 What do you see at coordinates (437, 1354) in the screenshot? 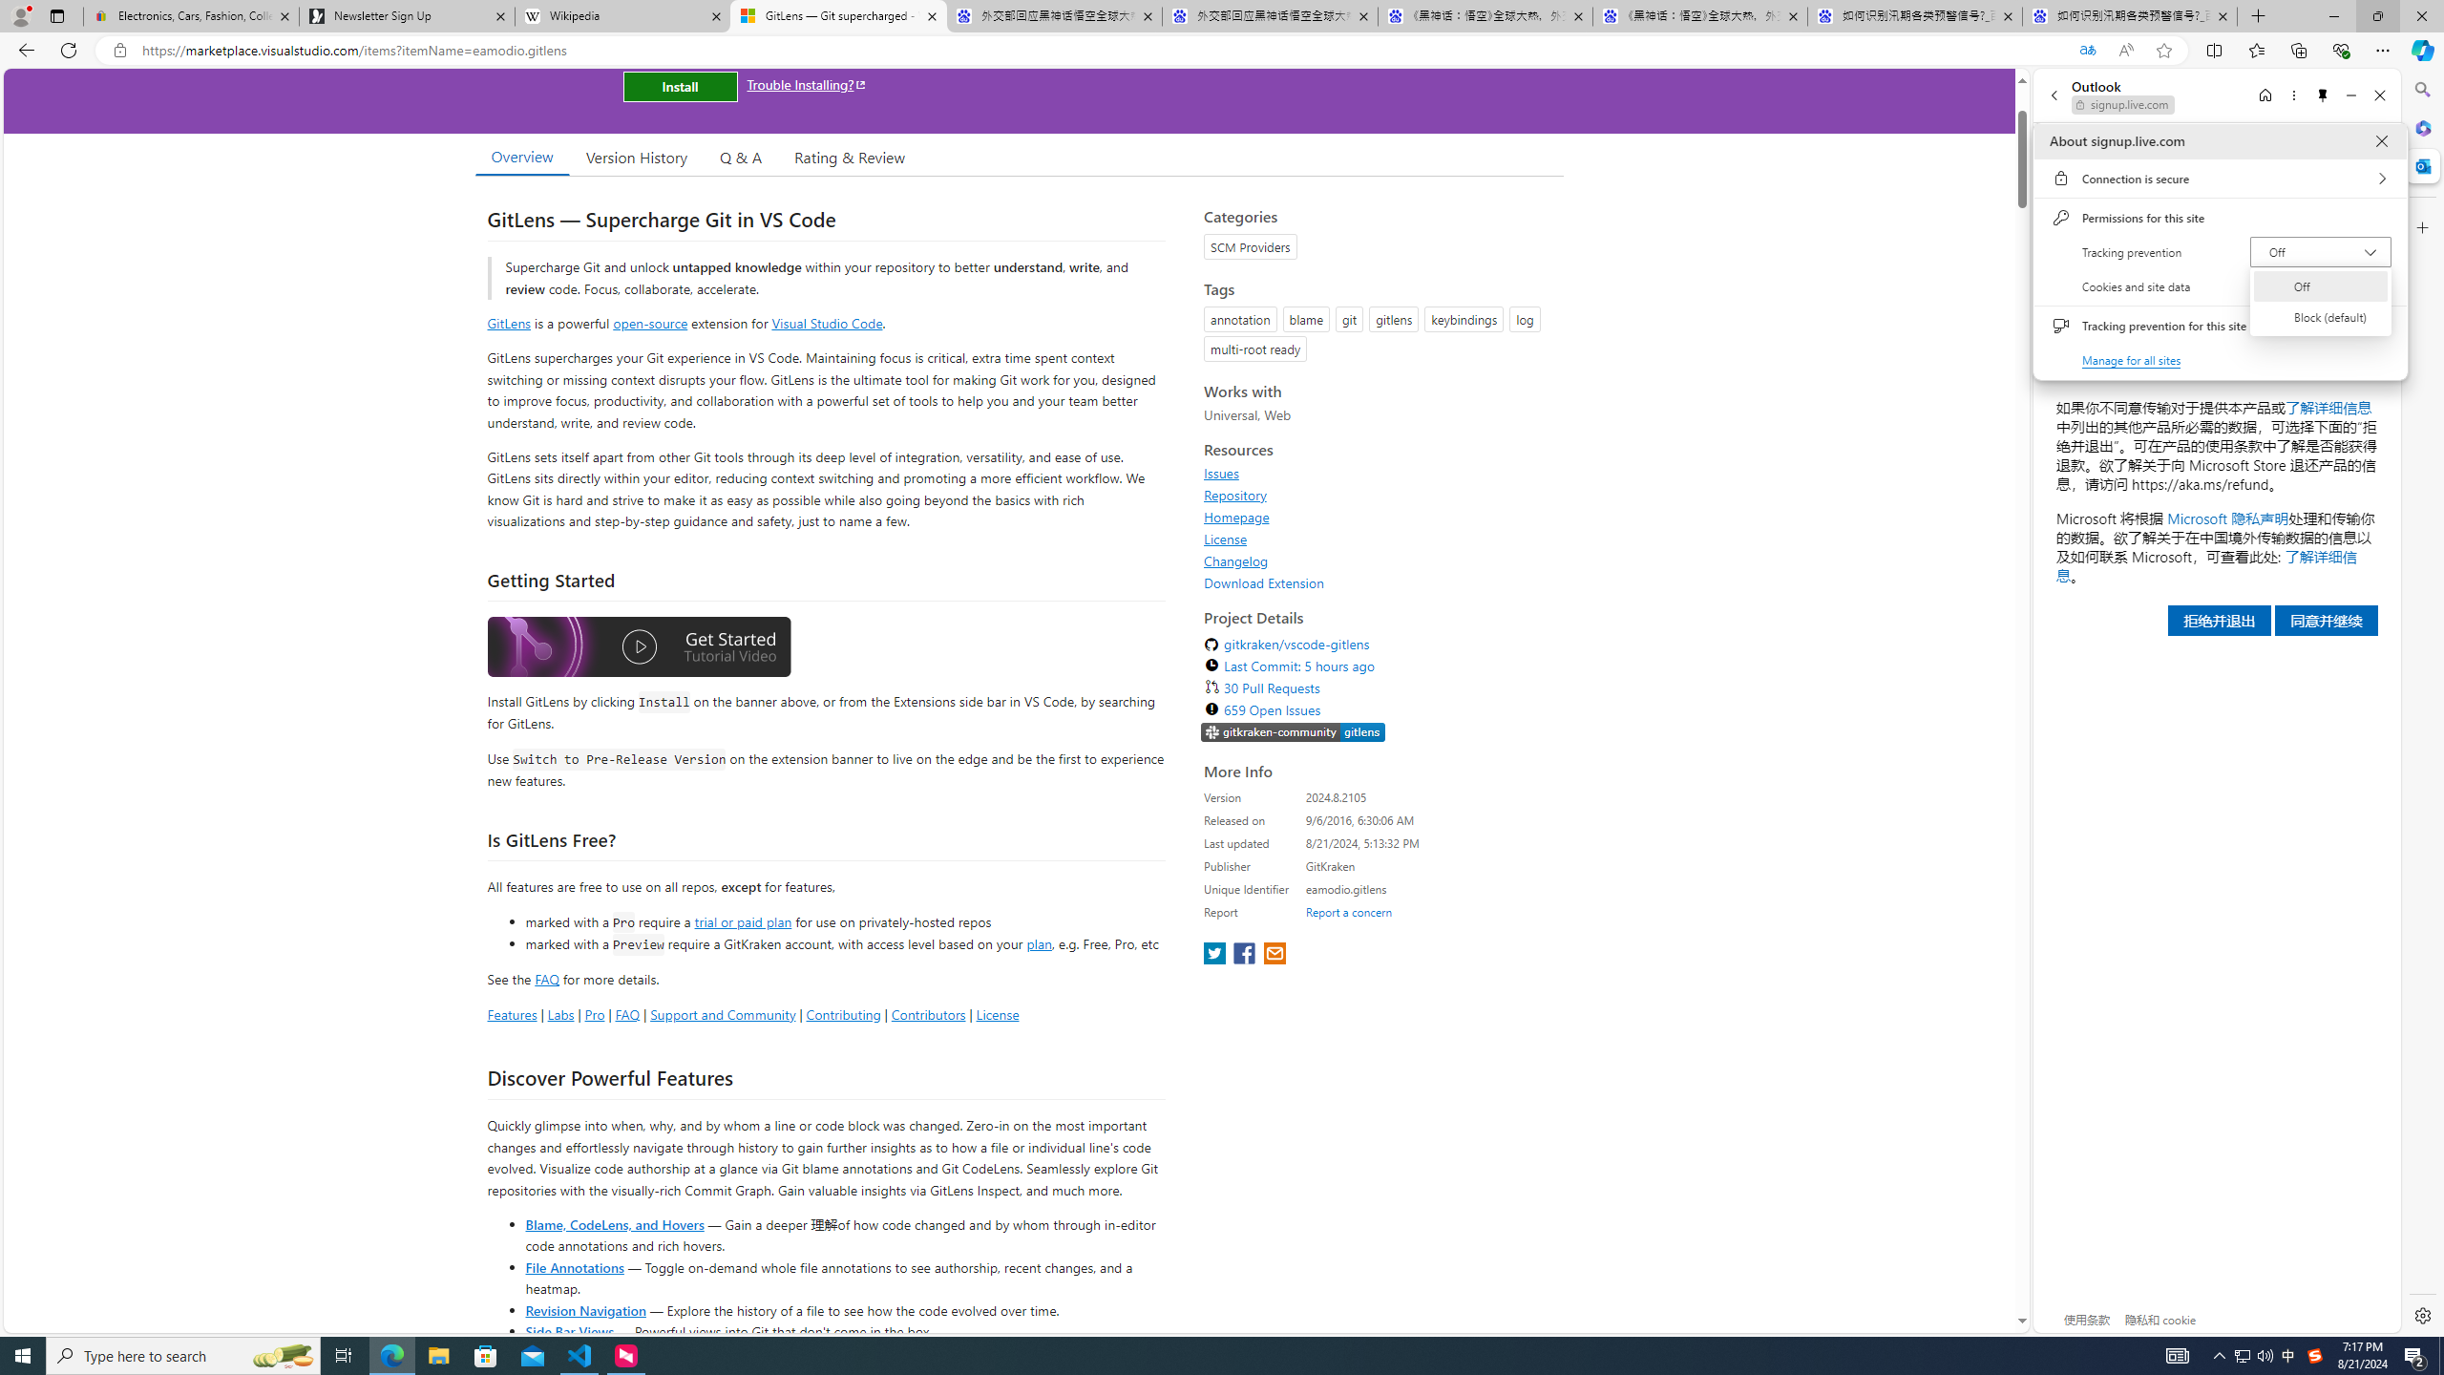
I see `'File Explorer'` at bounding box center [437, 1354].